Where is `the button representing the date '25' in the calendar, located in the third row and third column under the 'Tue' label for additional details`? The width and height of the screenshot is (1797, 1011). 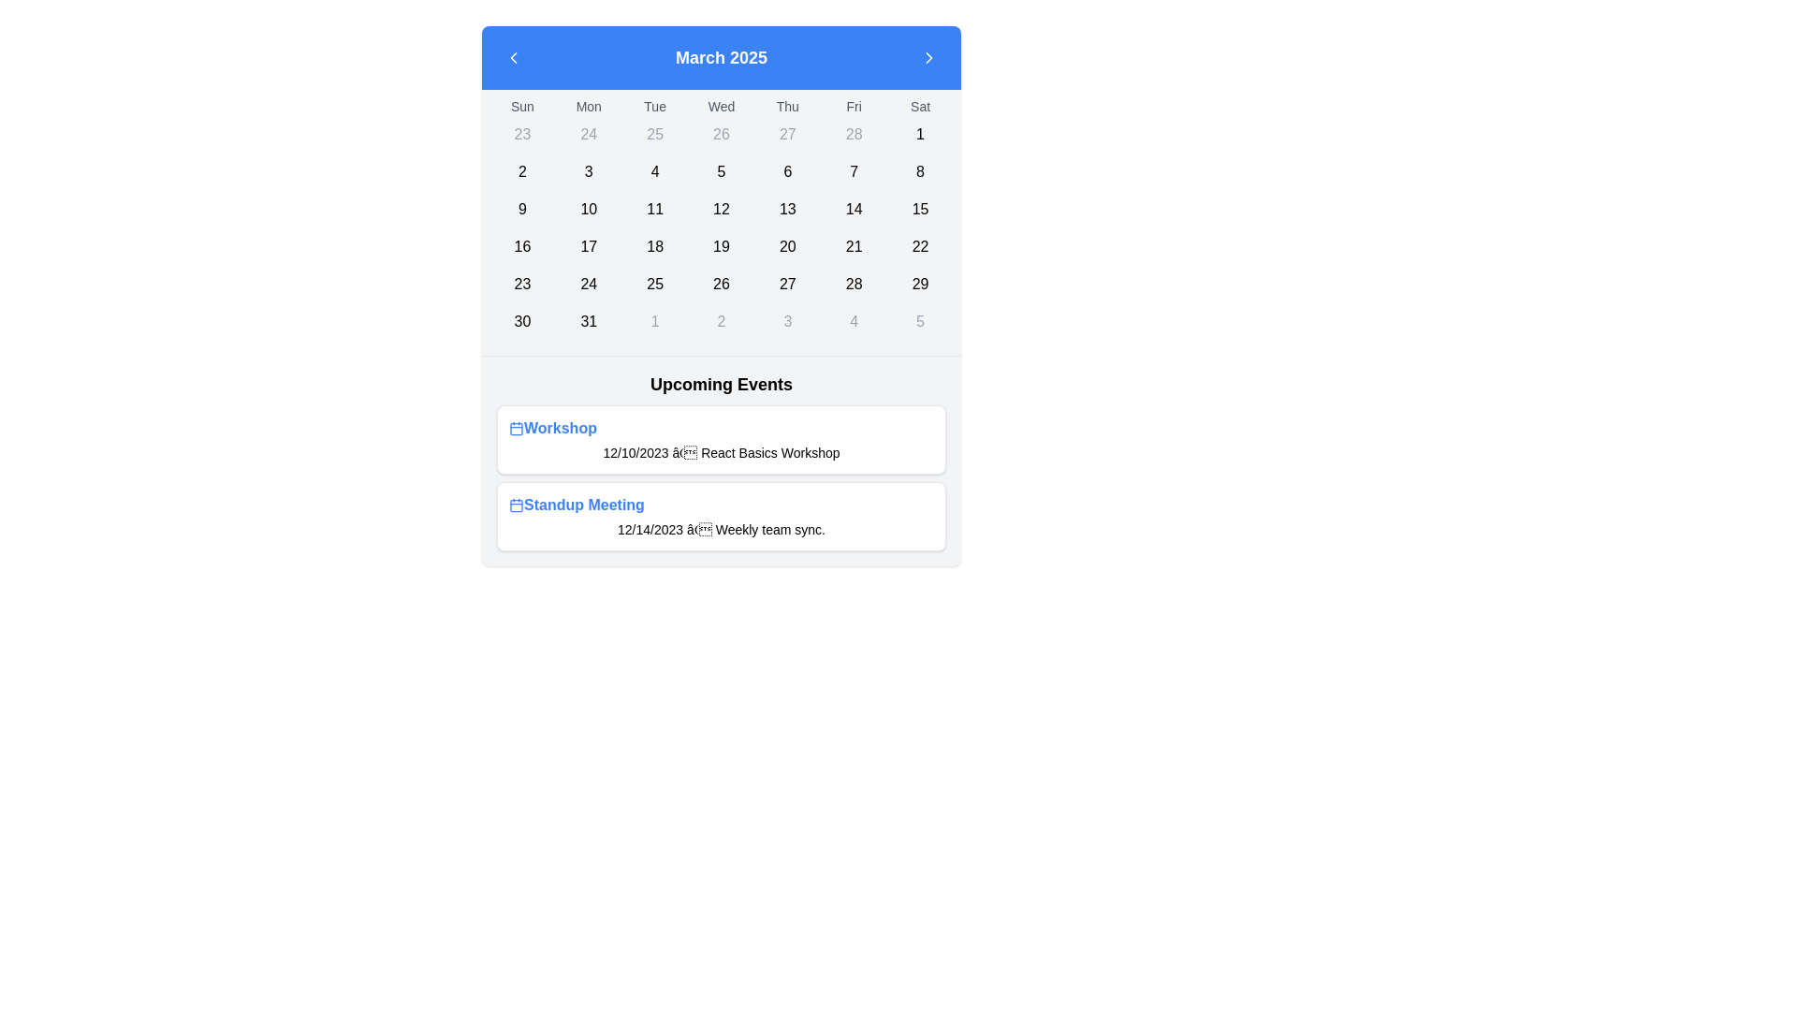 the button representing the date '25' in the calendar, located in the third row and third column under the 'Tue' label for additional details is located at coordinates (655, 285).